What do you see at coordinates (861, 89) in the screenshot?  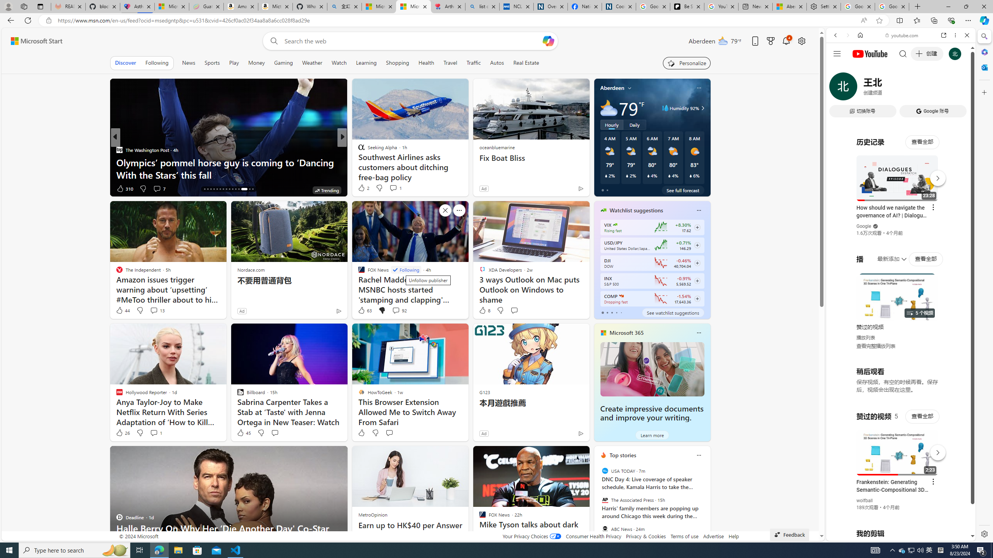 I see `'IMAGES'` at bounding box center [861, 89].